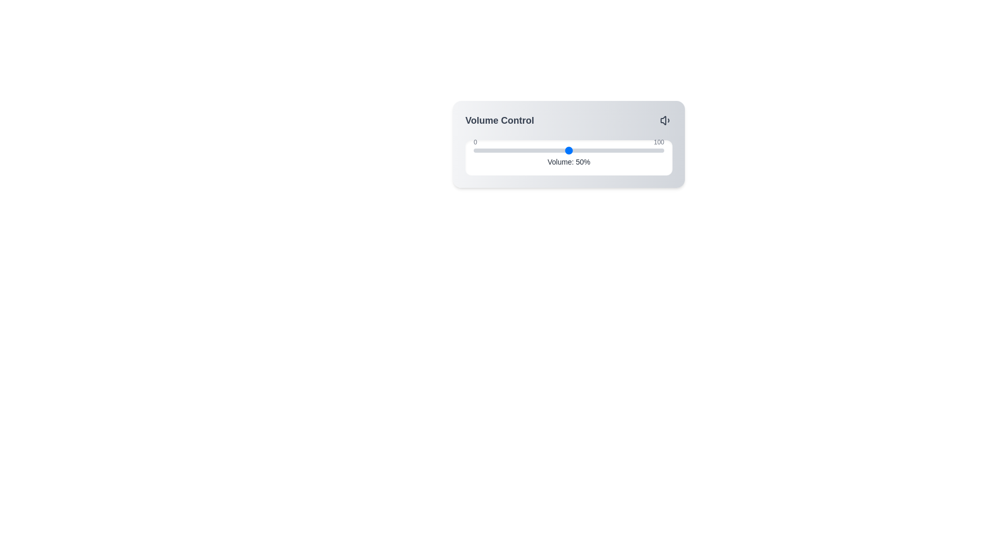  I want to click on the volume icon to observe its state, so click(666, 120).